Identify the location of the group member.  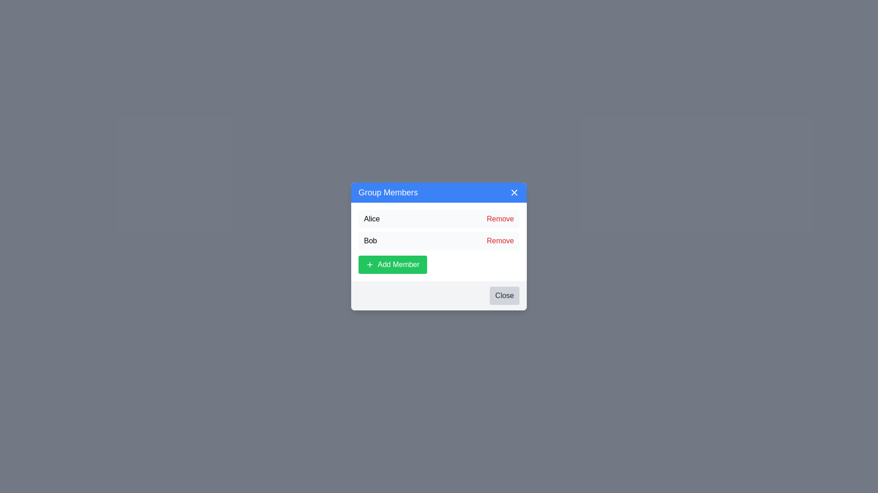
(439, 241).